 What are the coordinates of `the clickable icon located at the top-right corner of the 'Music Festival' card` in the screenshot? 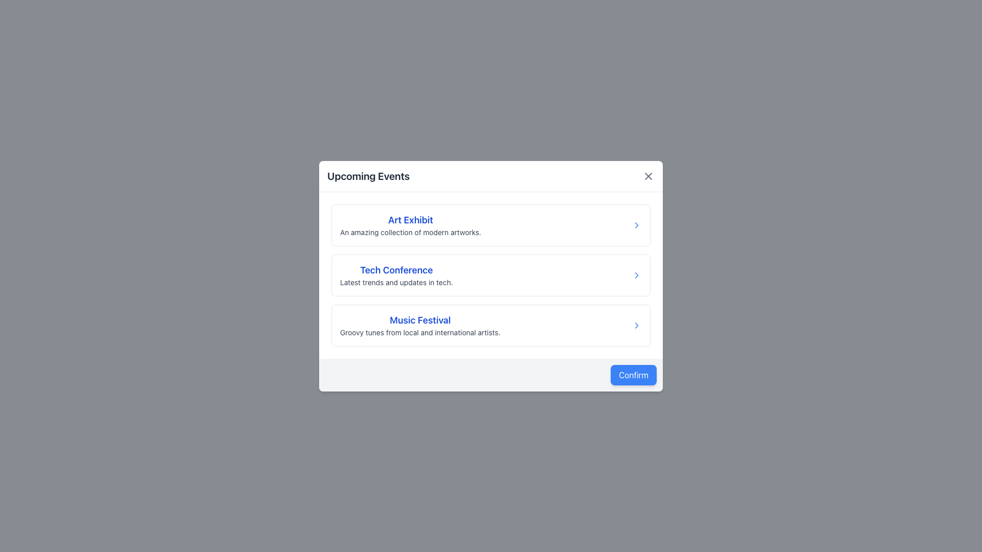 It's located at (636, 325).